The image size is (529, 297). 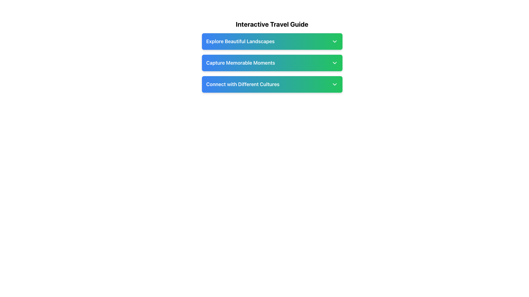 I want to click on the third chevron-down icon located to the far-right of the 'Connect with Different Cultures' text, so click(x=334, y=84).